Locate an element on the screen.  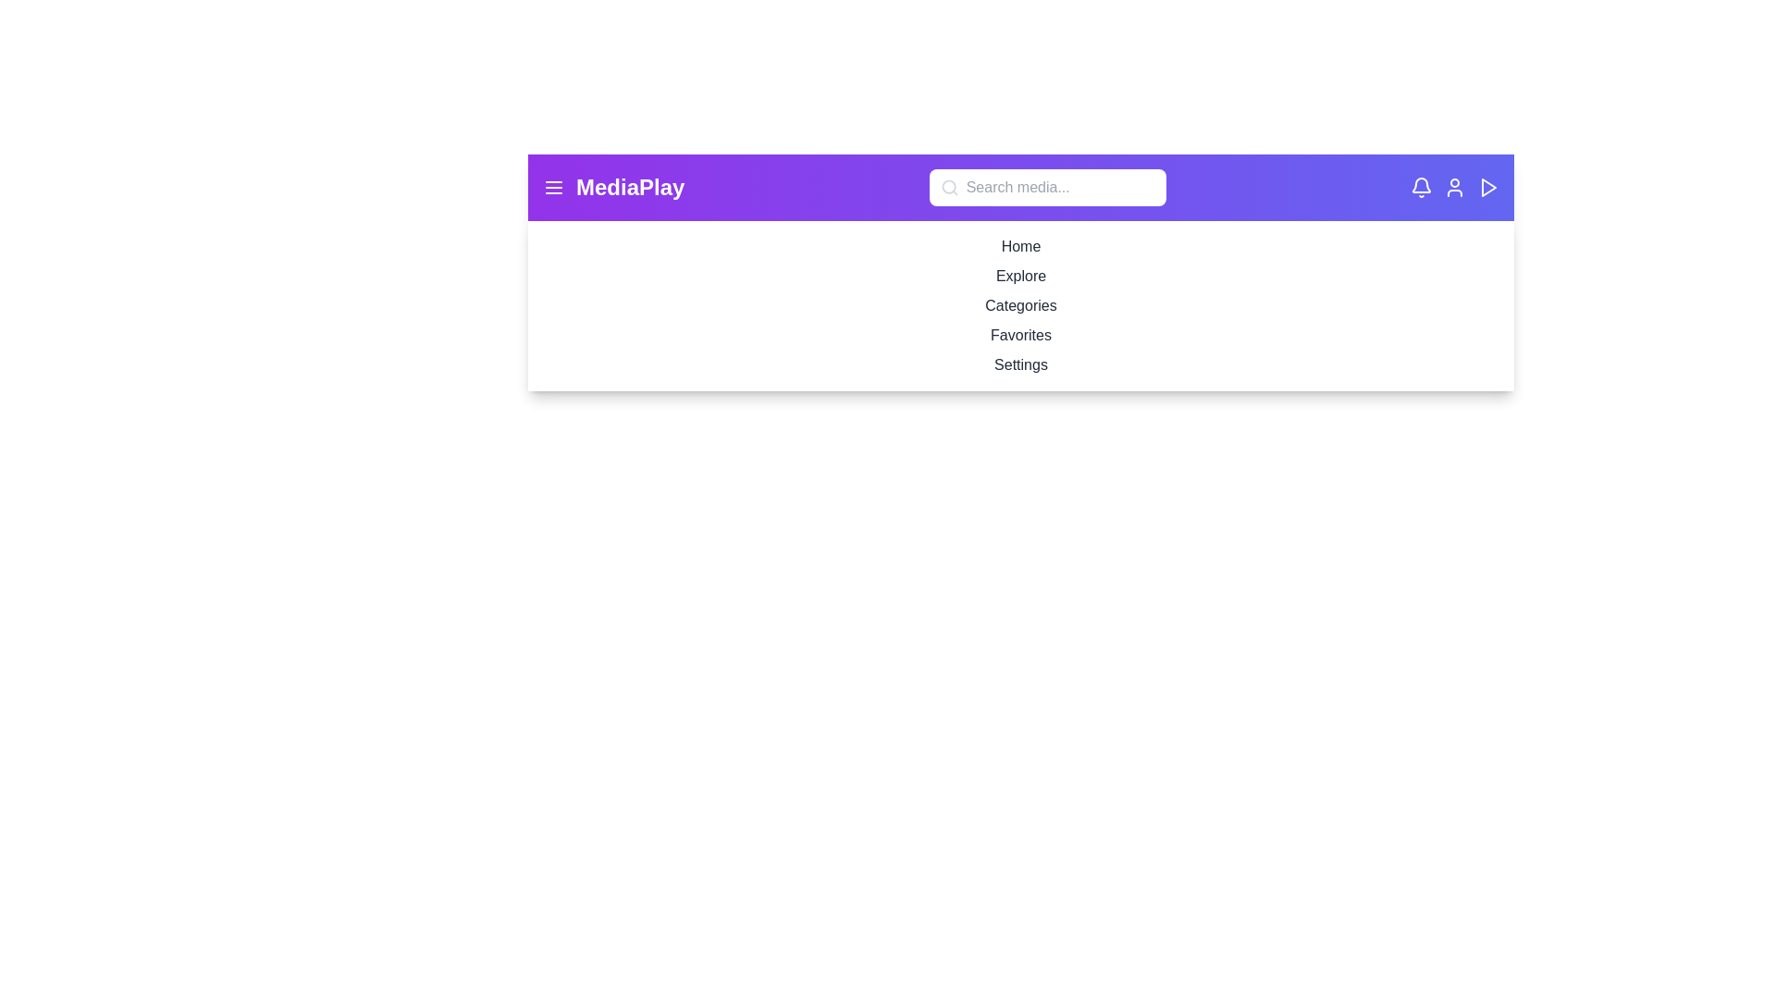
the second item in the vertical menu list, which serves as a label or navigational target is located at coordinates (1020, 277).